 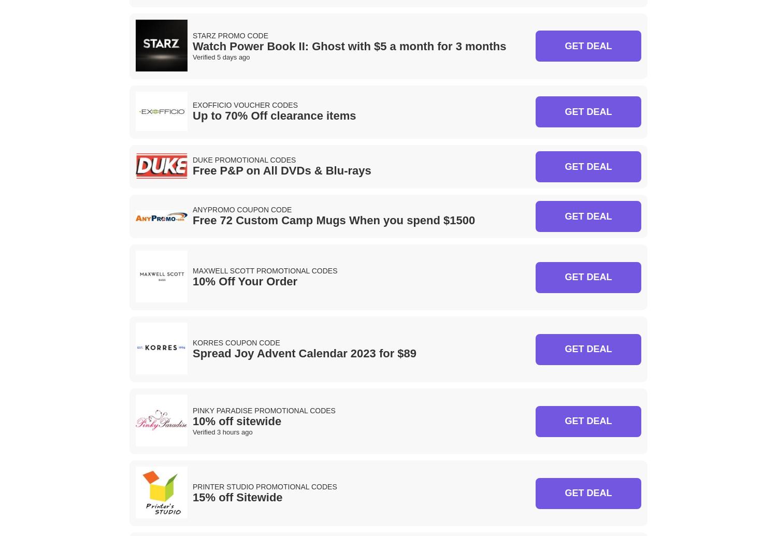 I want to click on 'Up to 70% Off clearance items', so click(x=274, y=115).